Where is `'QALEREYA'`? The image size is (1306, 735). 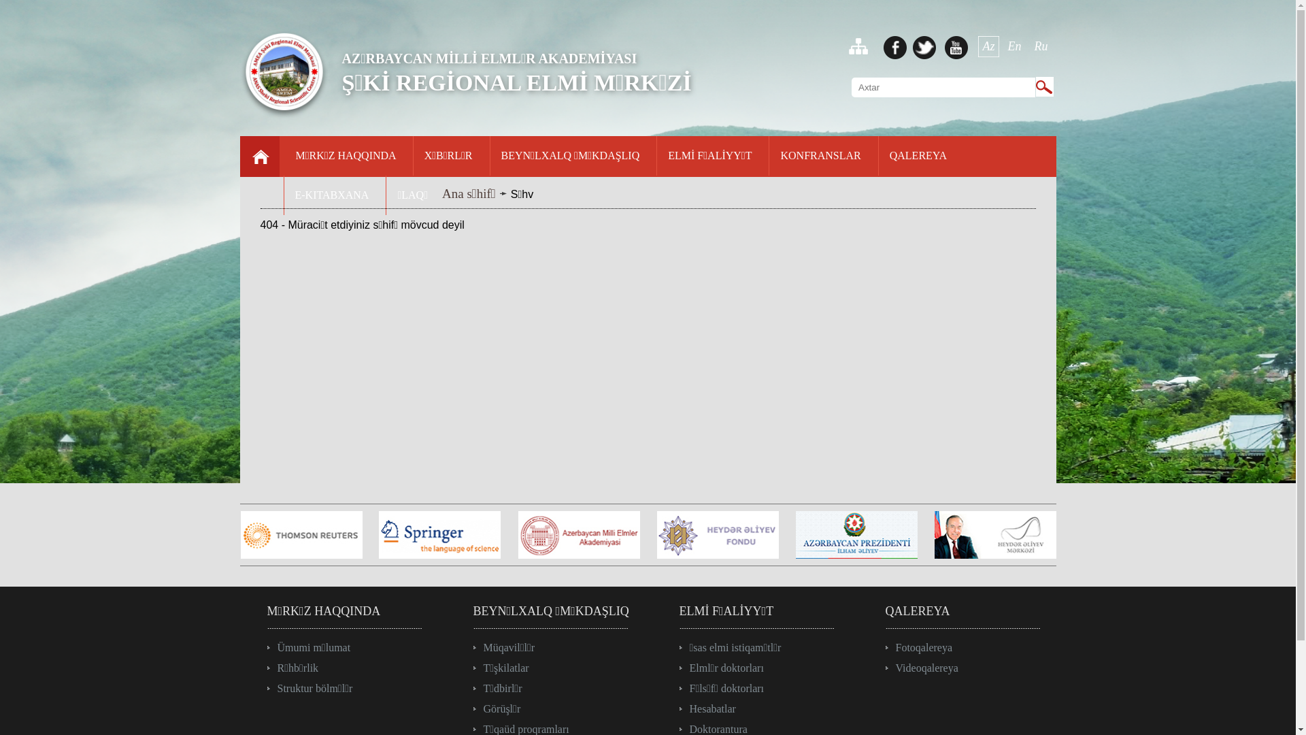 'QALEREYA' is located at coordinates (918, 158).